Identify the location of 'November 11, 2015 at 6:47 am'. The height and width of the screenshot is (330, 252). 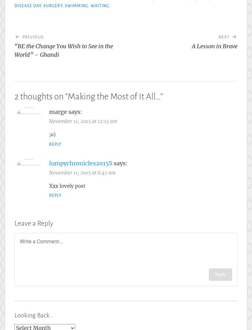
(49, 172).